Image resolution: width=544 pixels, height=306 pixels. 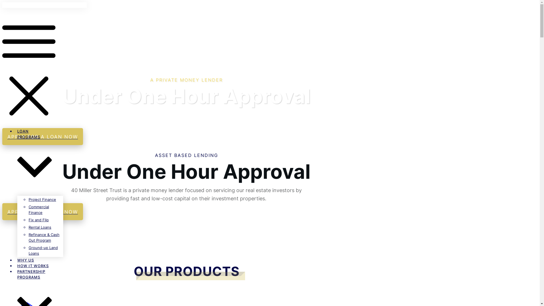 I want to click on 'WHY US', so click(x=25, y=260).